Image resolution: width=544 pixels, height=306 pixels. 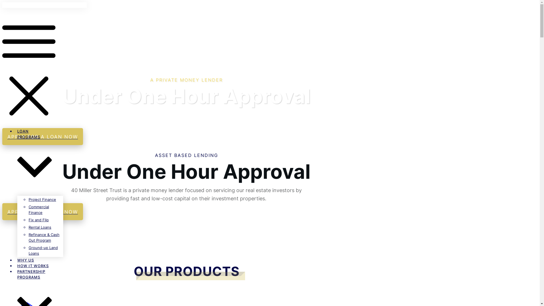 I want to click on 'WHY US', so click(x=25, y=260).